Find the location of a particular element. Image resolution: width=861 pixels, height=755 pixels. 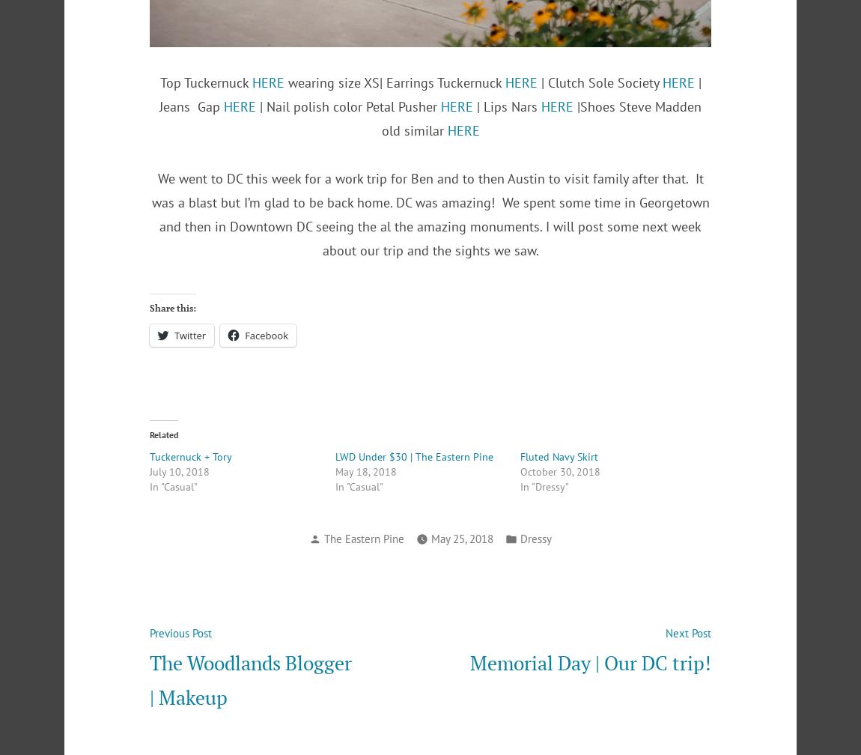

'May 25, 2018' is located at coordinates (461, 538).